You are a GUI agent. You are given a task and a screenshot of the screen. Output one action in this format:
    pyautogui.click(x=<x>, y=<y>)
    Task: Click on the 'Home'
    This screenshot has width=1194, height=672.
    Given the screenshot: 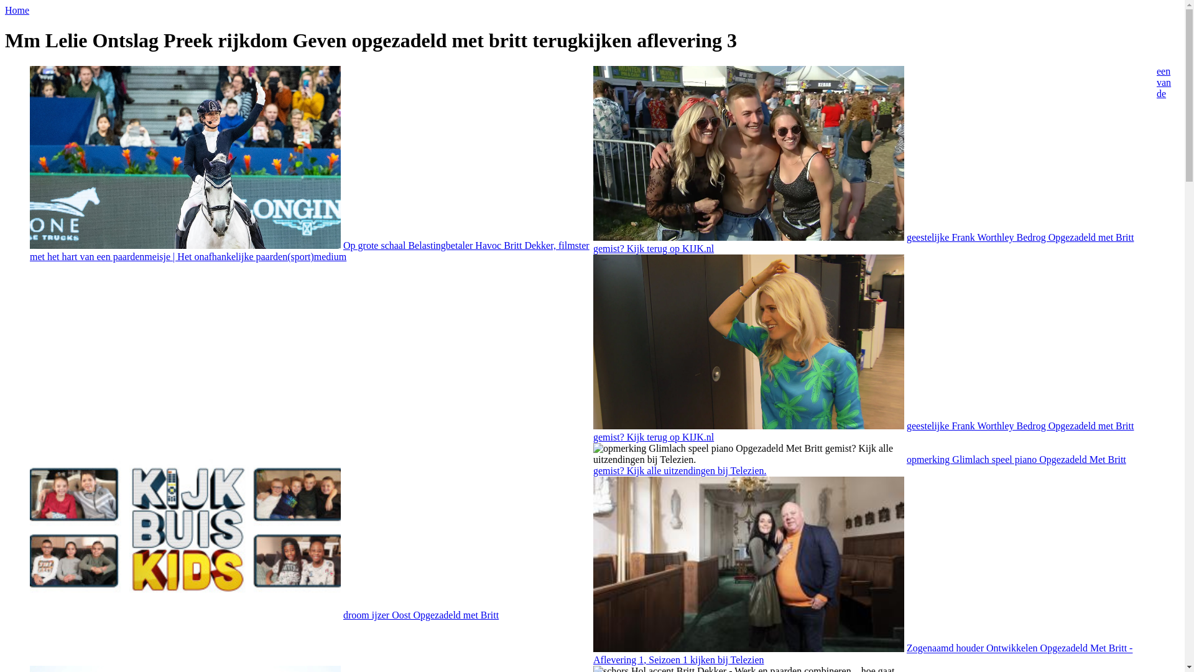 What is the action you would take?
    pyautogui.click(x=17, y=10)
    